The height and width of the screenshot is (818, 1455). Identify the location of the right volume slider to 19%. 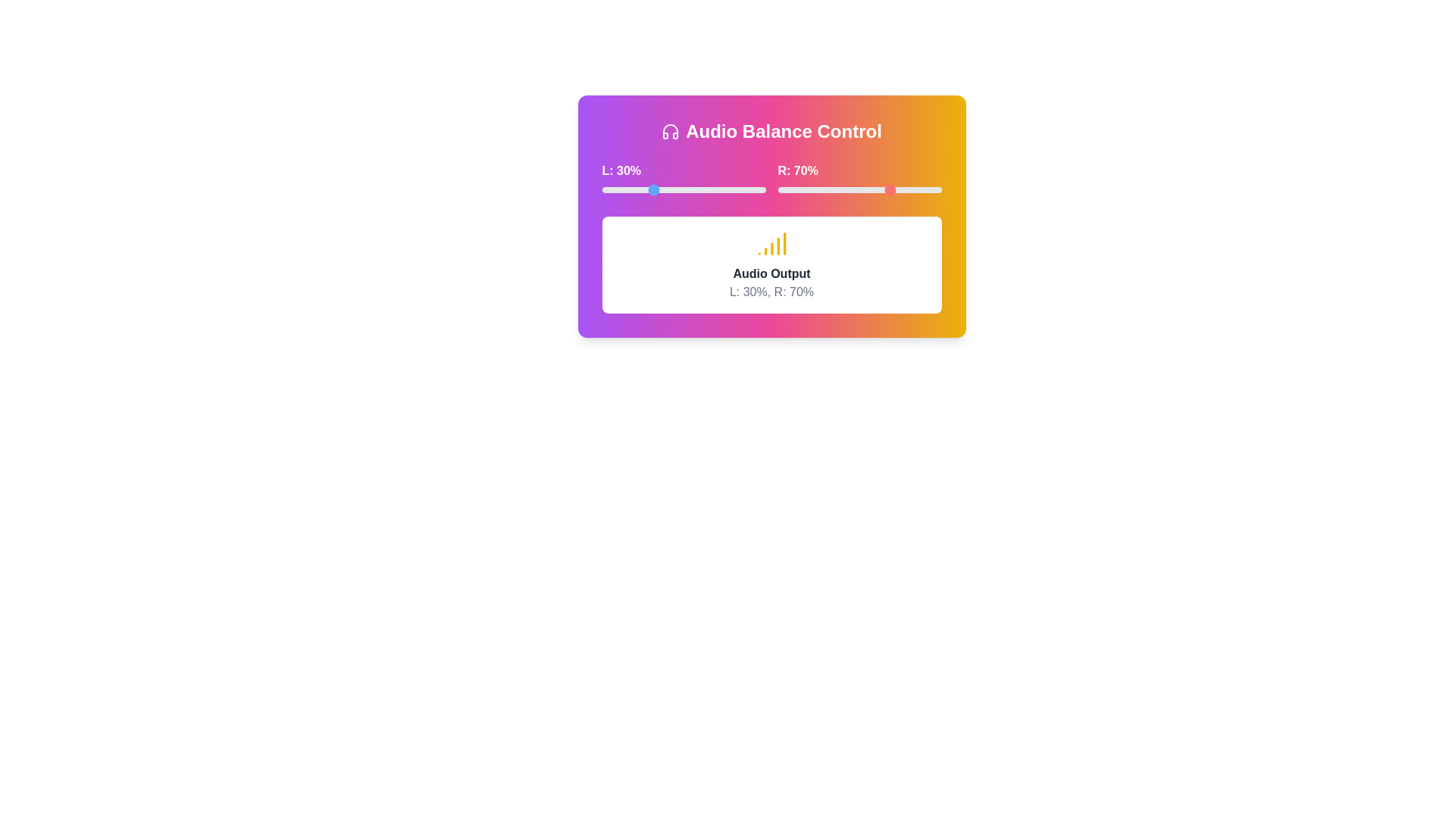
(808, 189).